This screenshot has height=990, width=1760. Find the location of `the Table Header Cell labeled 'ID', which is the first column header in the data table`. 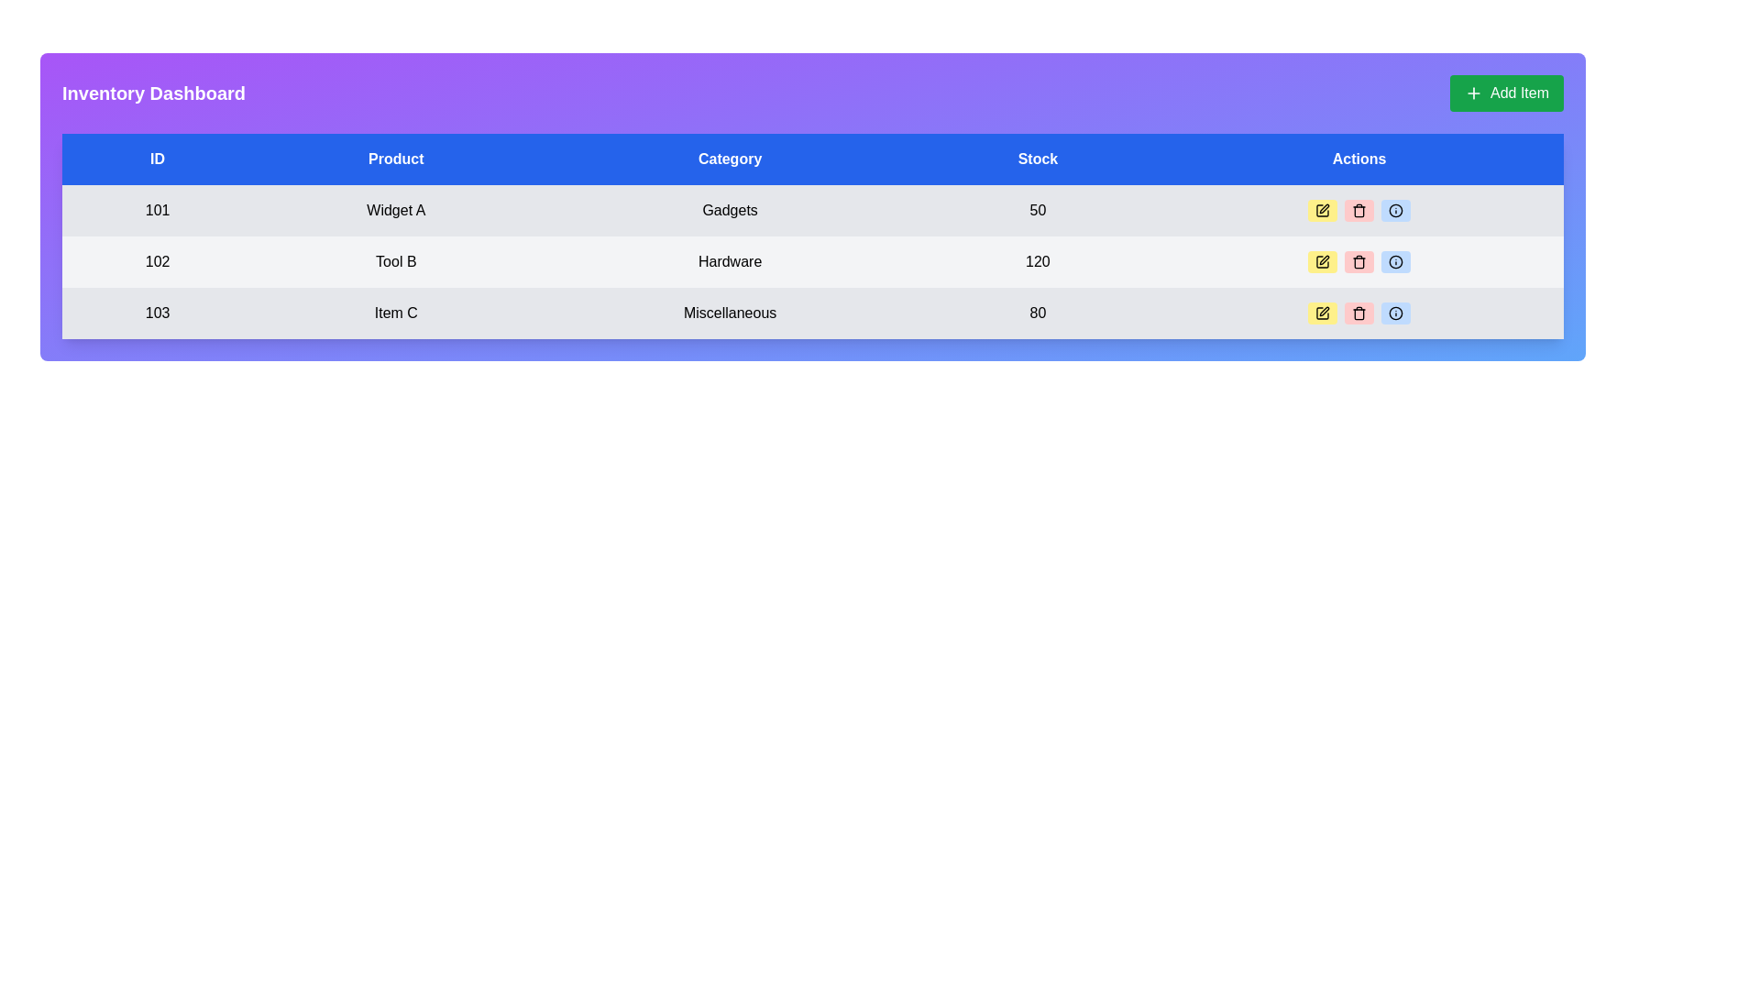

the Table Header Cell labeled 'ID', which is the first column header in the data table is located at coordinates (158, 158).